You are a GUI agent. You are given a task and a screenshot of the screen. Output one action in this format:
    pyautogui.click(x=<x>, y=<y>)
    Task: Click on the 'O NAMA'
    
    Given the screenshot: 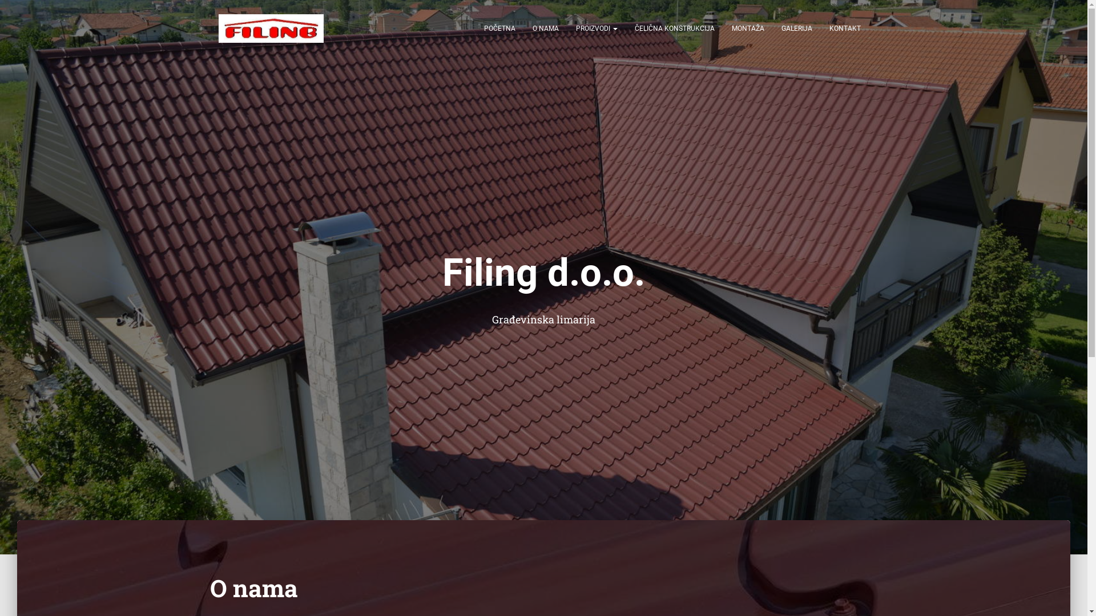 What is the action you would take?
    pyautogui.click(x=545, y=28)
    